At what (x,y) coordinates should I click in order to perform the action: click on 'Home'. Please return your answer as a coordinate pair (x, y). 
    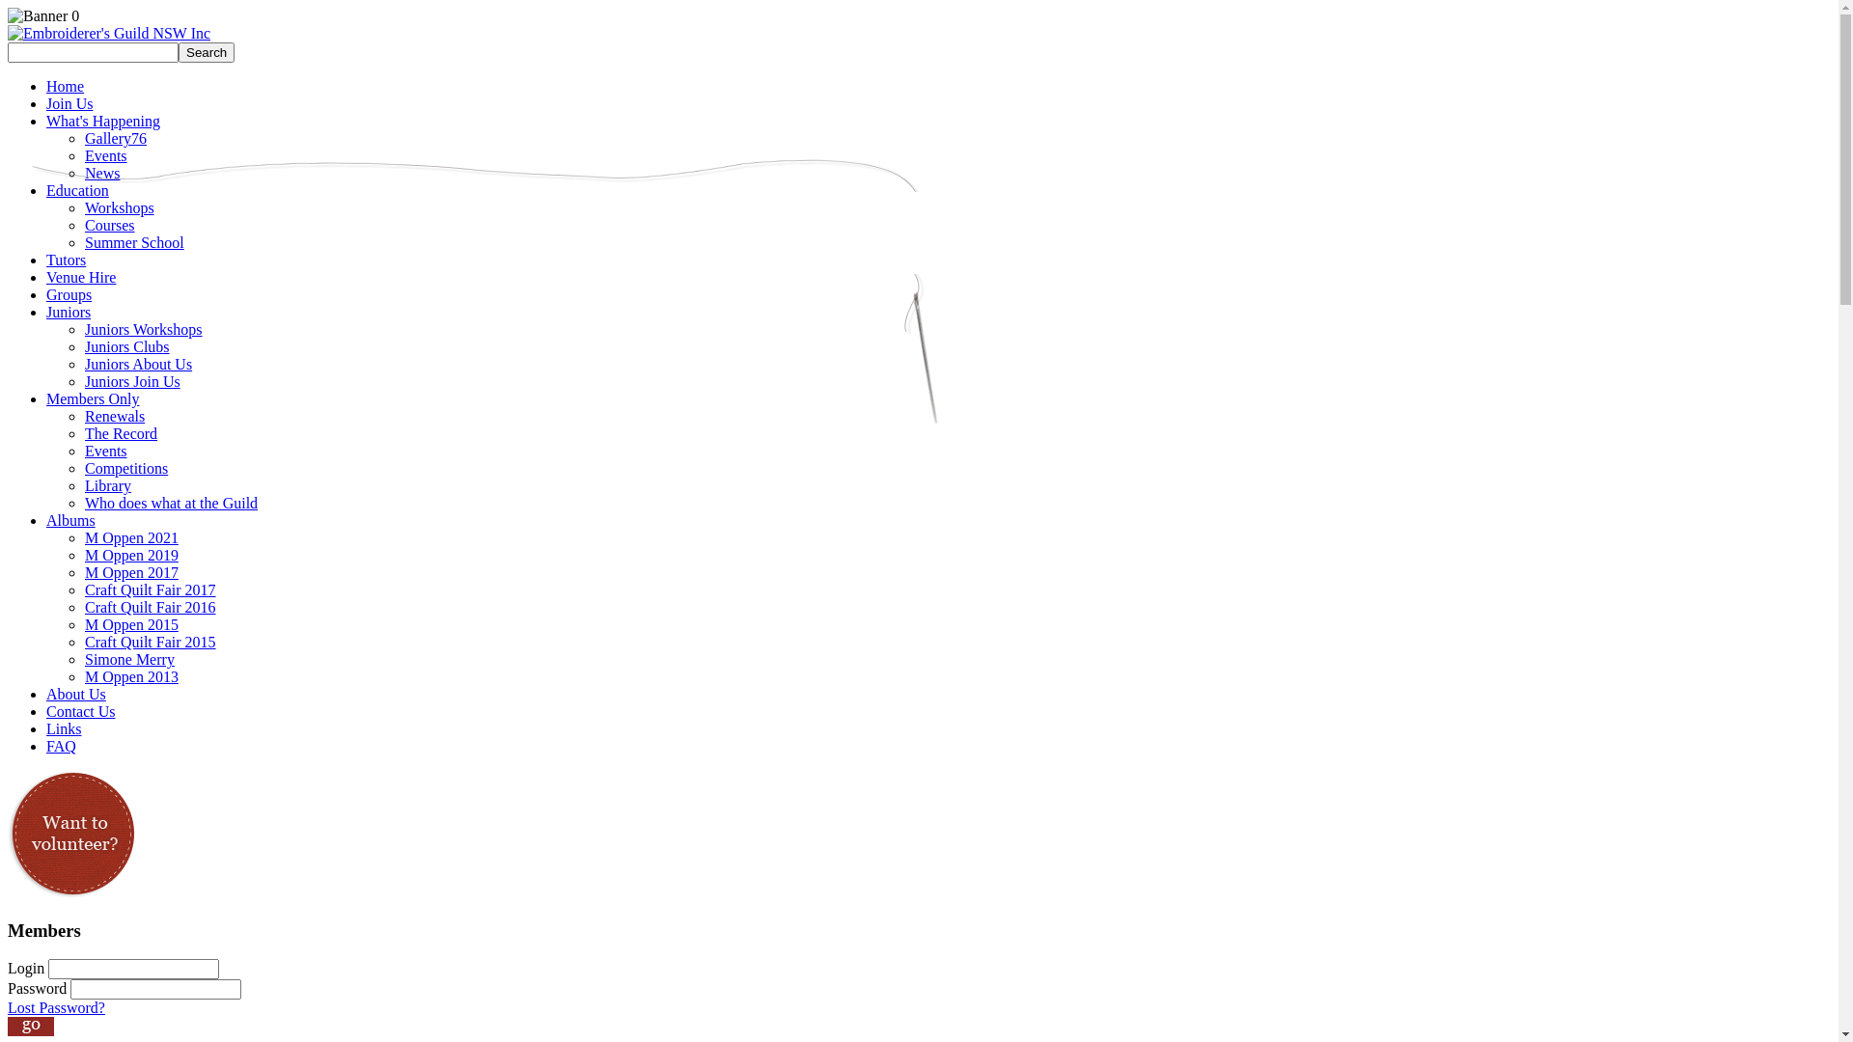
    Looking at the image, I should click on (65, 85).